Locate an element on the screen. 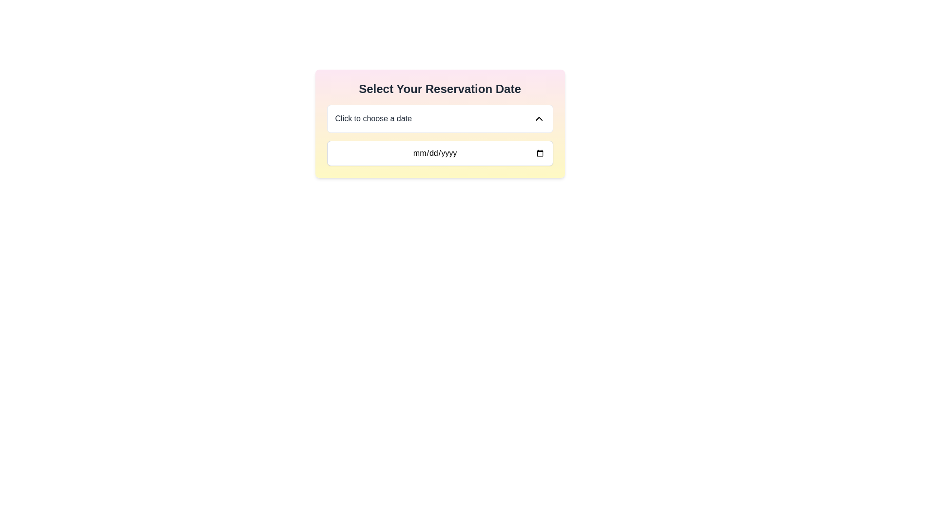  the textual component that reads 'Click to choose a date', which is styled with dark gray text on a light background and is positioned on the left side of a dropdown-like component is located at coordinates (373, 118).